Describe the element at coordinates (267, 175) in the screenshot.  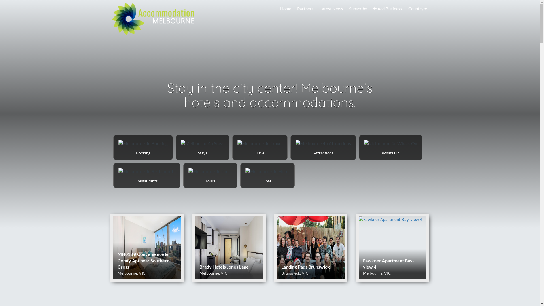
I see `'Hotel Melbourne 4u'` at that location.